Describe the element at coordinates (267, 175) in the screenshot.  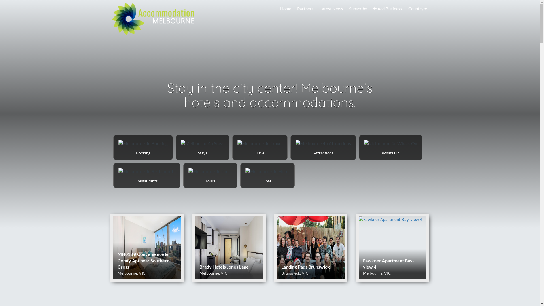
I see `'Hotel Melbourne 4u'` at that location.